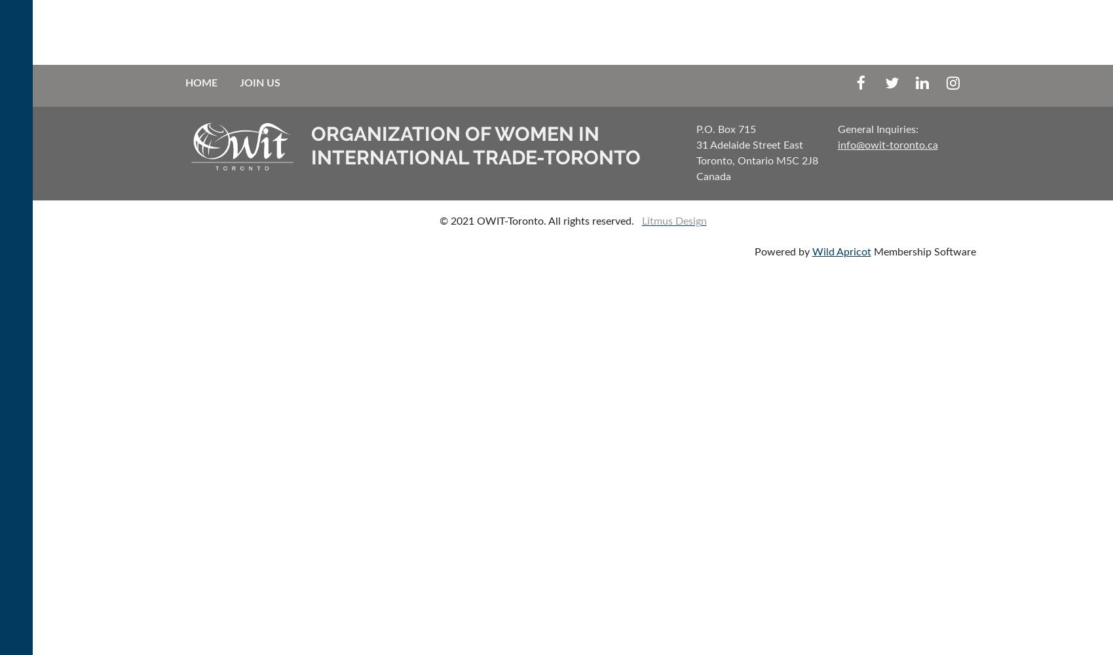 This screenshot has height=655, width=1113. I want to click on 'Membership Software', so click(922, 252).